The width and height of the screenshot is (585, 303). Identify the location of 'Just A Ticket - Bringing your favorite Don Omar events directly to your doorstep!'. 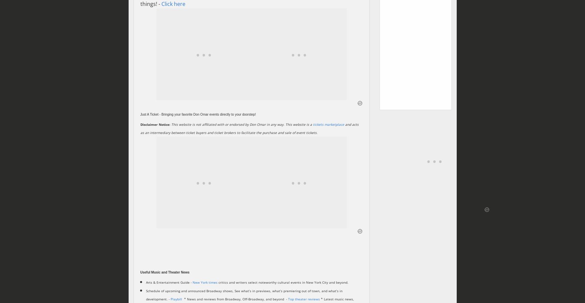
(198, 114).